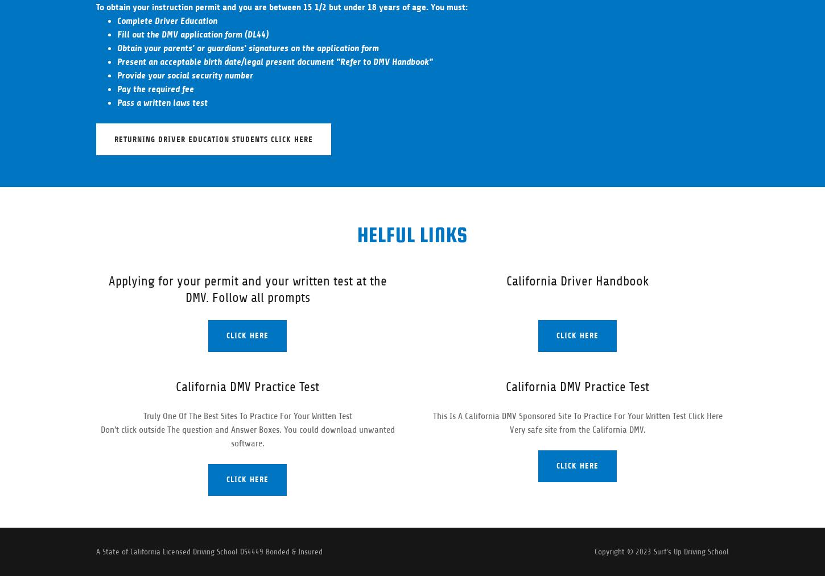 This screenshot has height=576, width=825. What do you see at coordinates (411, 234) in the screenshot?
I see `'Helful Links'` at bounding box center [411, 234].